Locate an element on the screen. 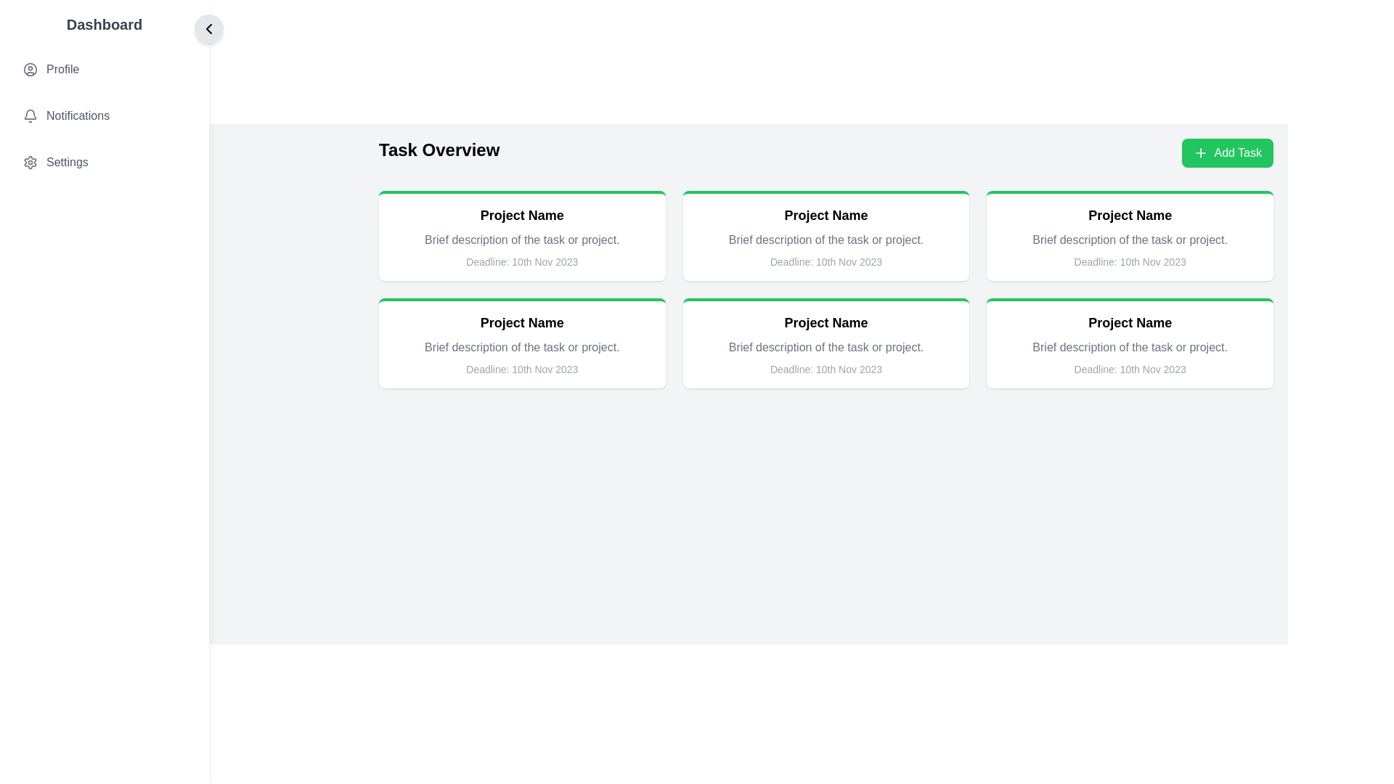 The height and width of the screenshot is (784, 1394). the text label for the settings menu located in the vertical menu on the left-hand side of the interface, which is the third item in the list after 'Profile' and 'Notifications' is located at coordinates (66, 162).